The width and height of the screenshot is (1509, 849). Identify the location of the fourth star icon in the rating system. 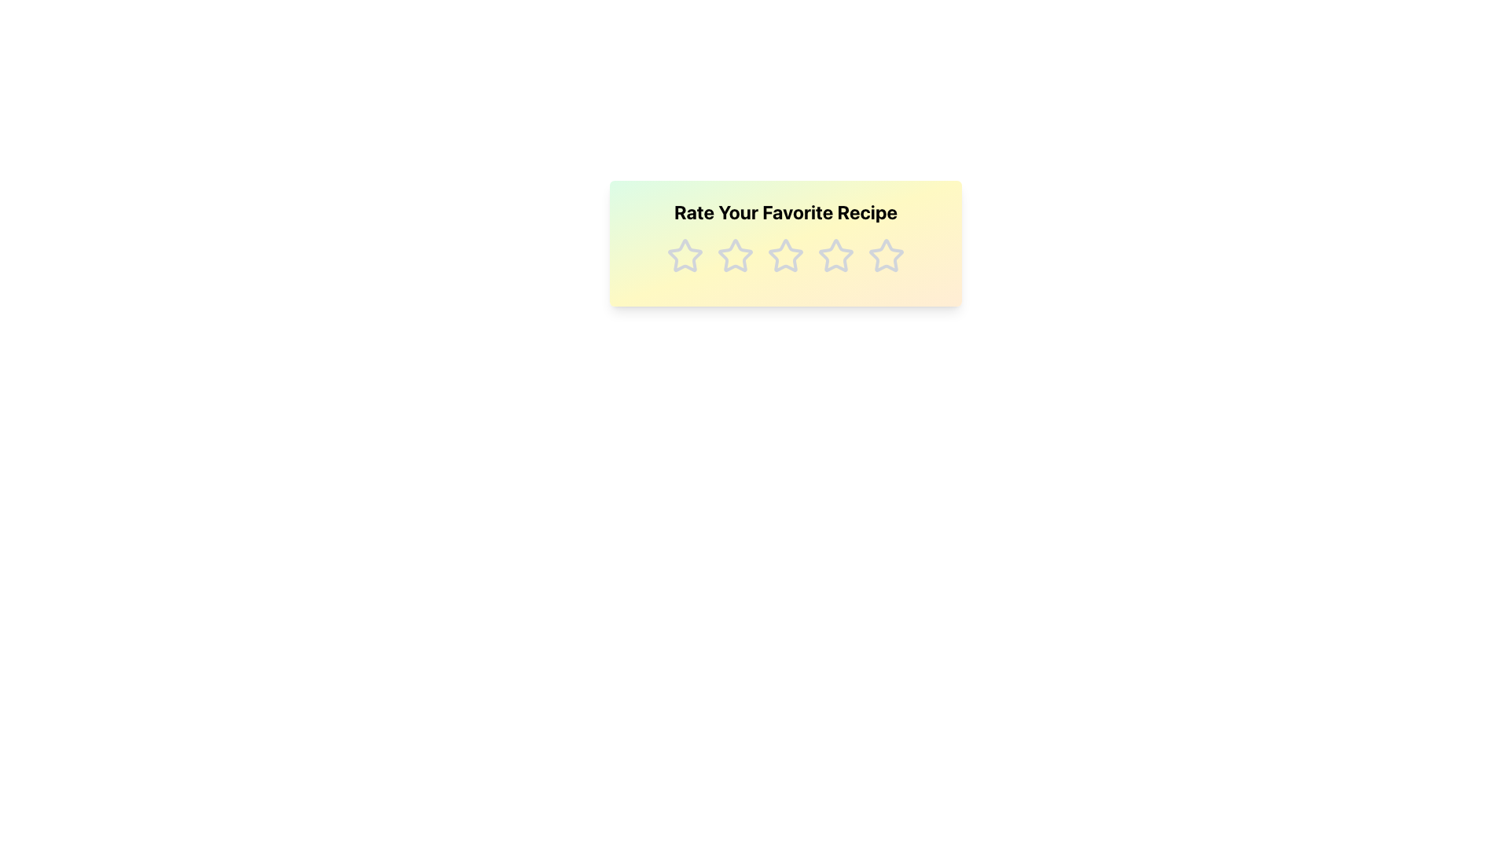
(835, 255).